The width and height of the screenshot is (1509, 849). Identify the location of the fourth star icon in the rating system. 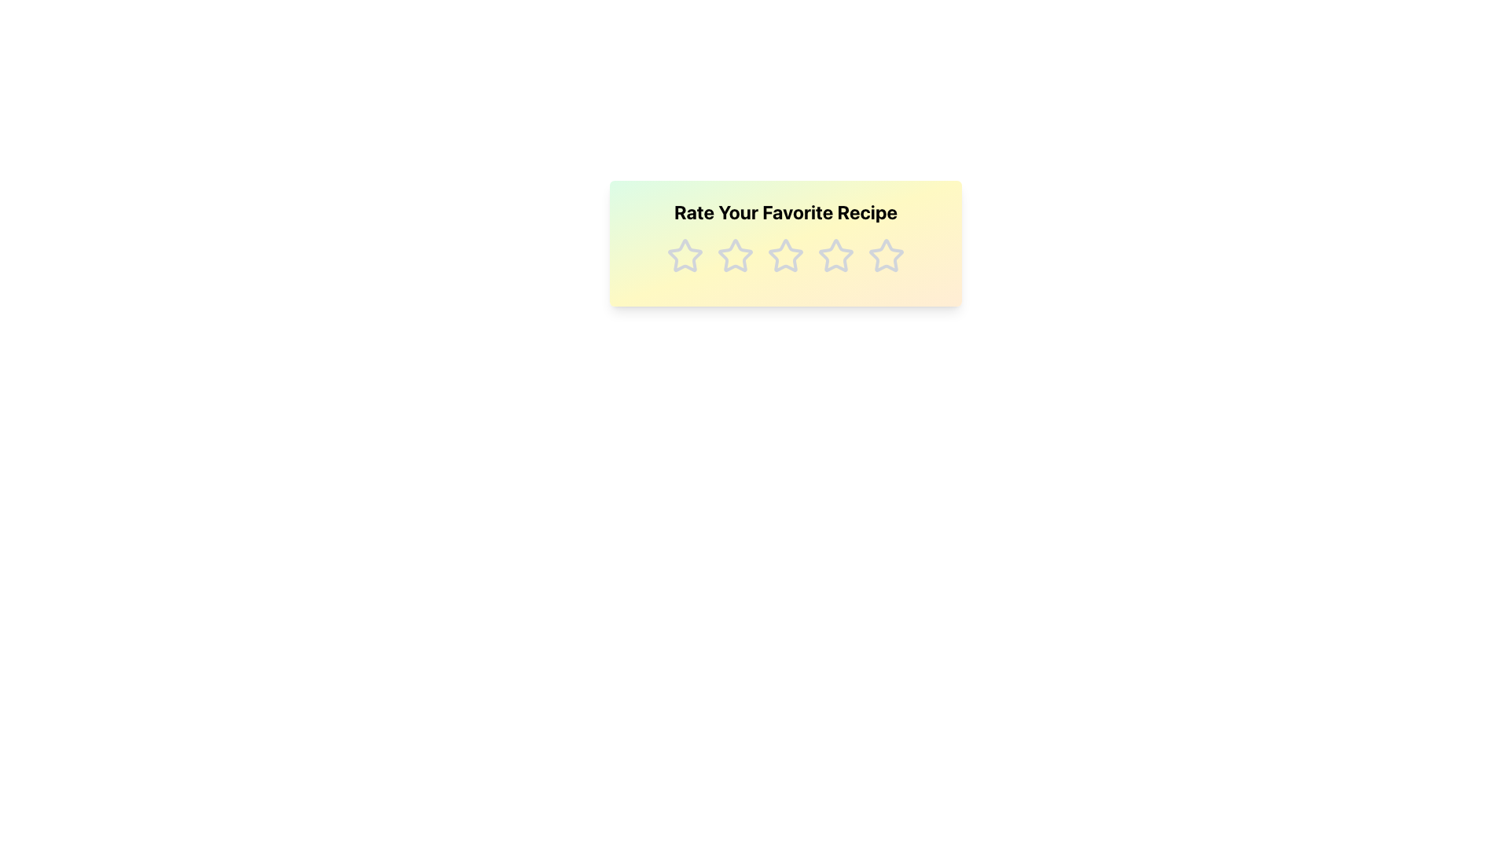
(835, 255).